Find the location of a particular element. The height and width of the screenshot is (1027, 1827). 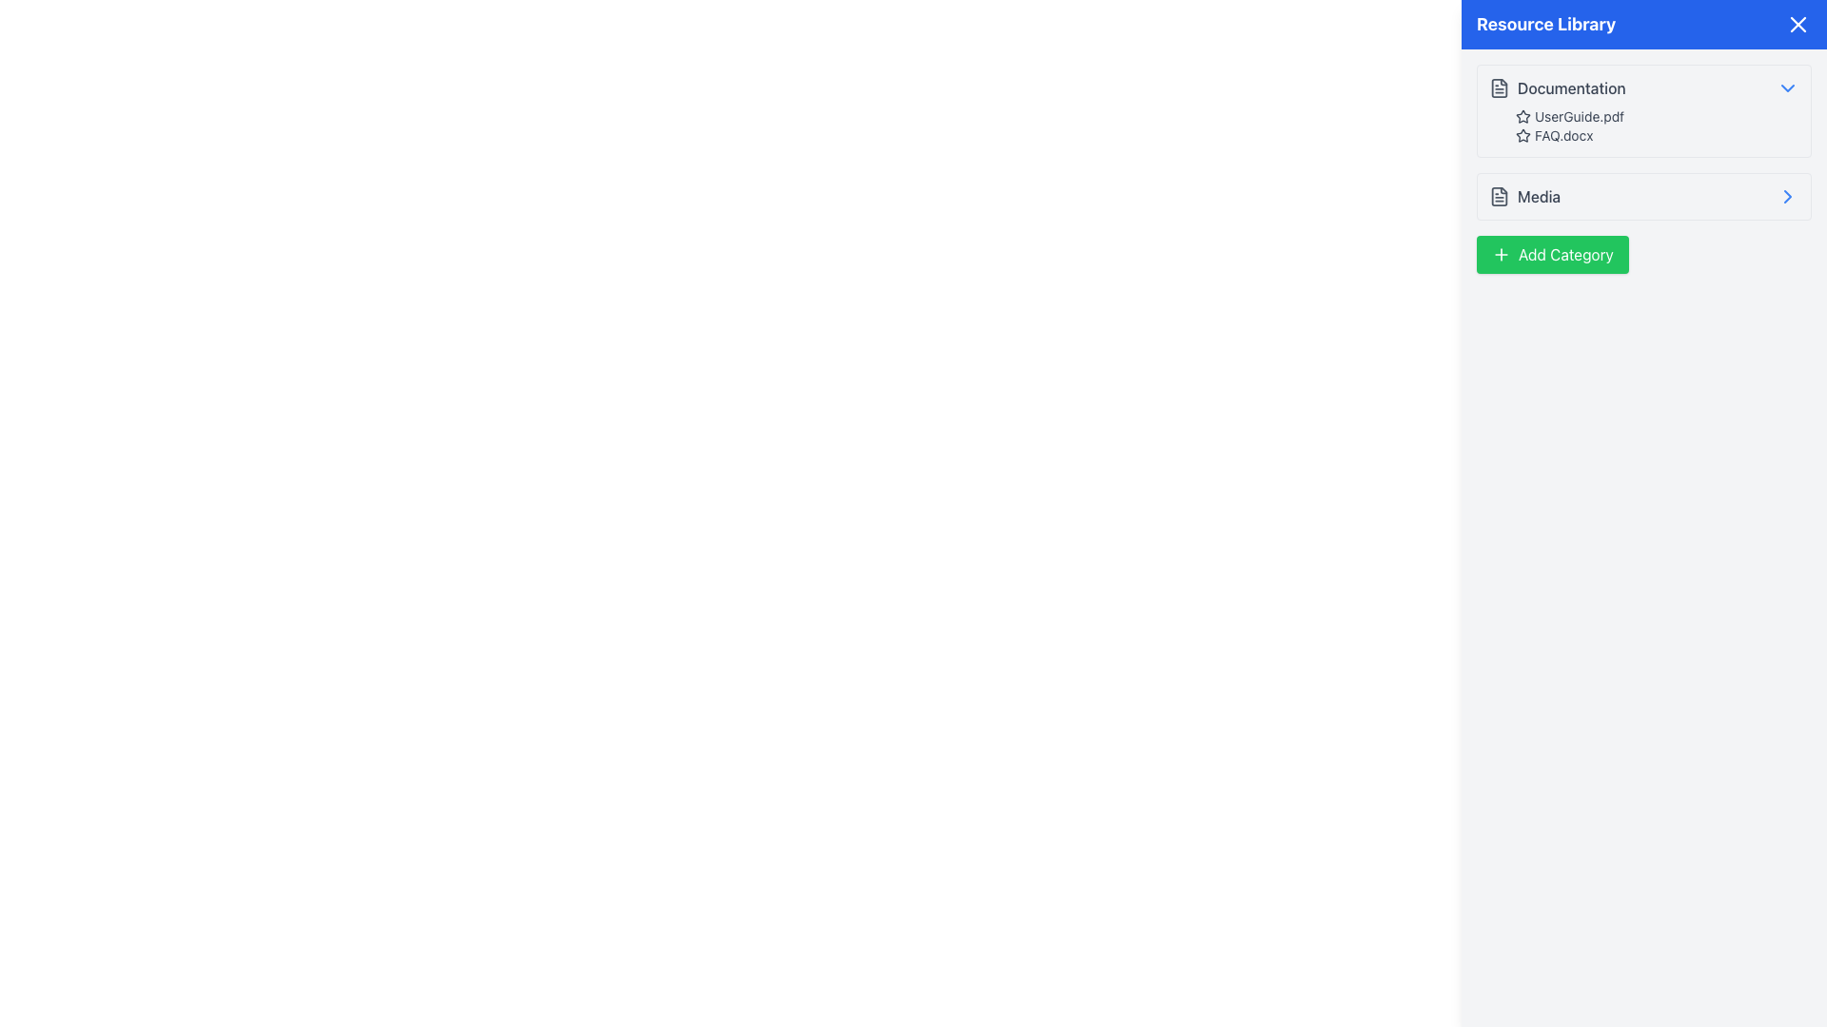

the star icon next to 'FAQ.docx' in the 'Documentation' section of the 'Resource Library' sidebar is located at coordinates (1521, 116).